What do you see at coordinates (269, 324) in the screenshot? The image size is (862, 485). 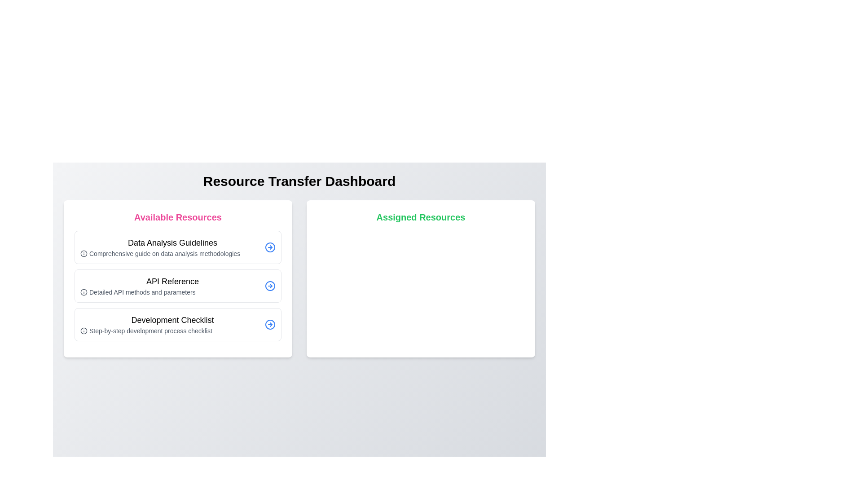 I see `the clickable icon (decorative arrow) located in the 'Development Checklist' section` at bounding box center [269, 324].